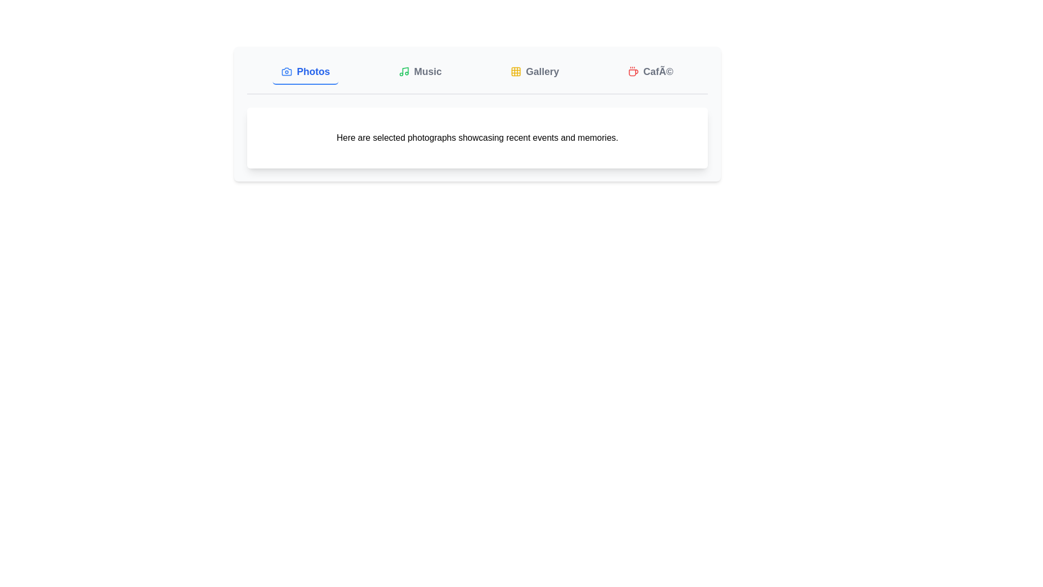 The height and width of the screenshot is (587, 1043). Describe the element at coordinates (427, 71) in the screenshot. I see `the text label displaying 'Music' which is part of the navigation button, positioned second from the left, and located to the right of the green music note icon` at that location.